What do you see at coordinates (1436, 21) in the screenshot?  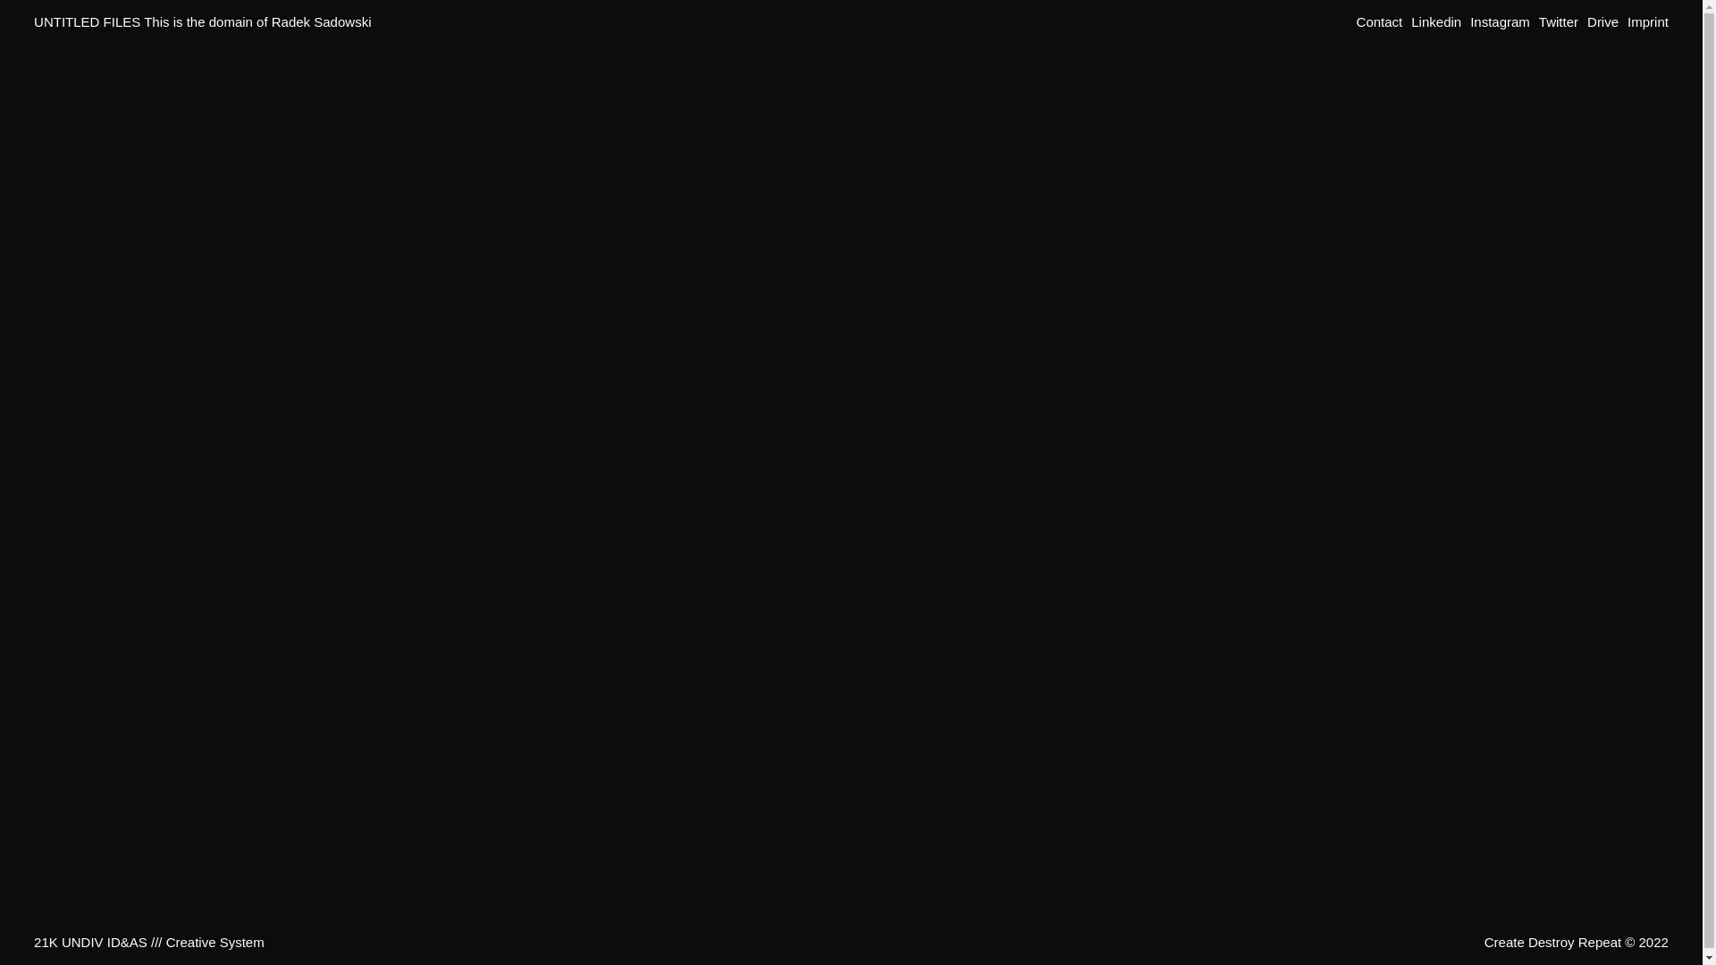 I see `'Linkedin'` at bounding box center [1436, 21].